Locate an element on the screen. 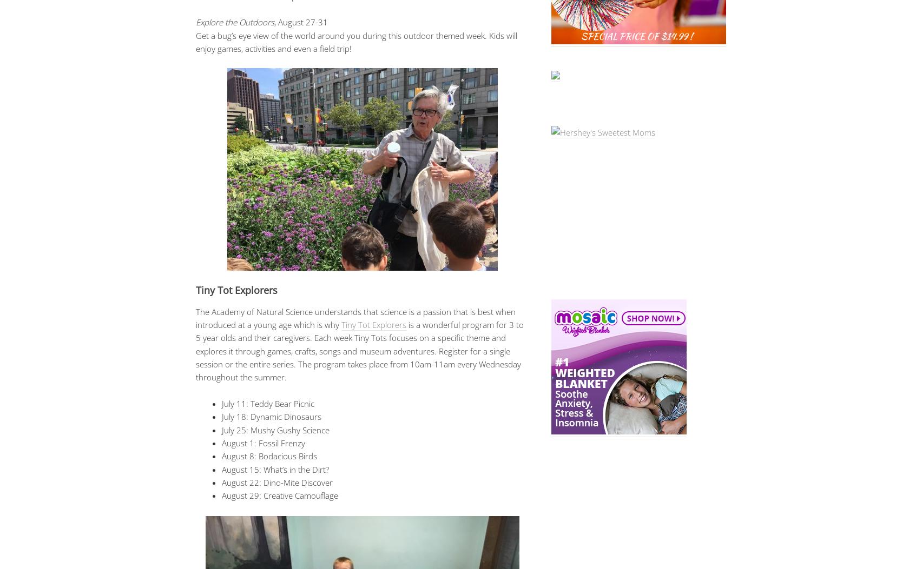 The image size is (922, 569). 'August 22: Dino-Mite Discover' is located at coordinates (277, 483).